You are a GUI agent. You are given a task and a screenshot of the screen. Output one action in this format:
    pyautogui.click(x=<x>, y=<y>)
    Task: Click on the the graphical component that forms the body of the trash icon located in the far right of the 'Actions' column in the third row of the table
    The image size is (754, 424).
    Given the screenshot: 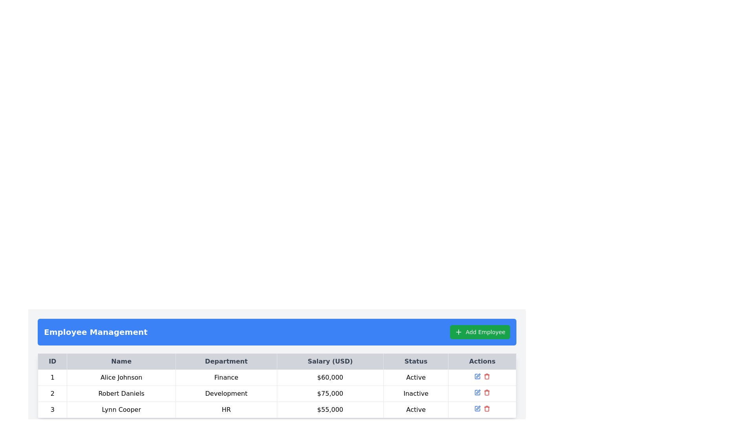 What is the action you would take?
    pyautogui.click(x=487, y=409)
    